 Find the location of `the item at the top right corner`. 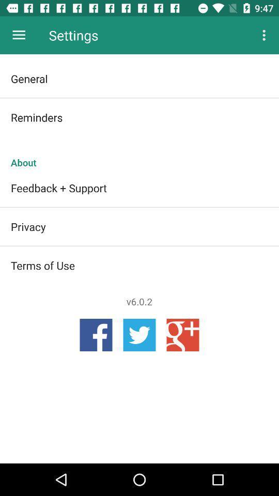

the item at the top right corner is located at coordinates (265, 35).